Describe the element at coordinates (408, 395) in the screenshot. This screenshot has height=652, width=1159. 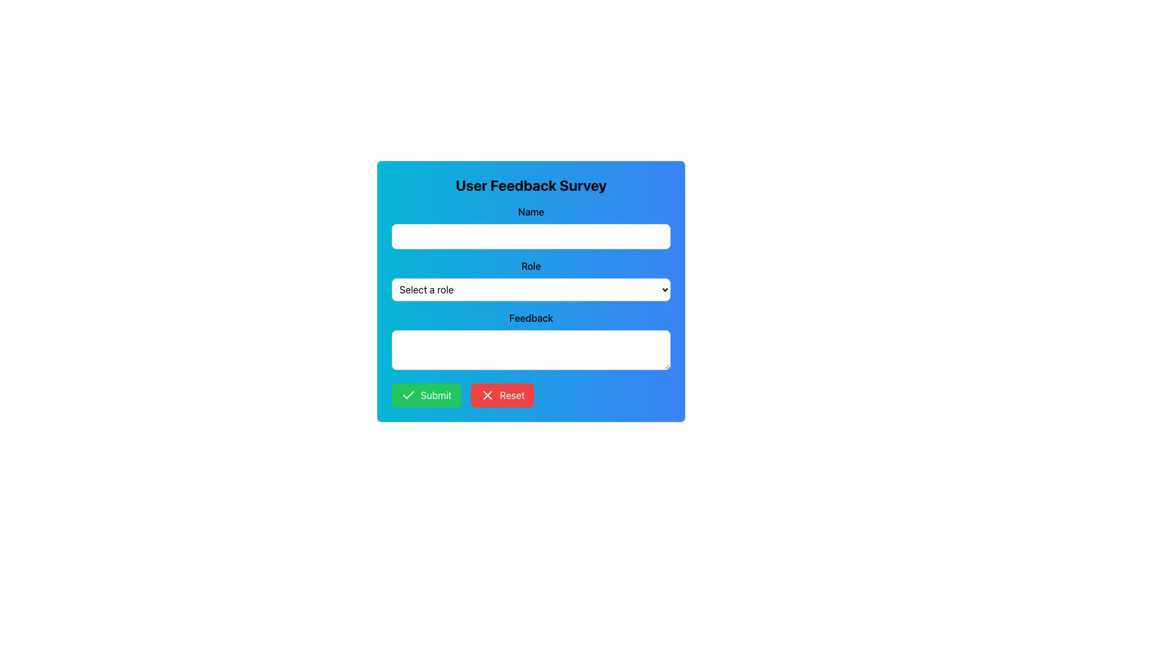
I see `the green 'Submit' button containing a minimalistic checkmark icon located in the bottom-left corner of the interface` at that location.